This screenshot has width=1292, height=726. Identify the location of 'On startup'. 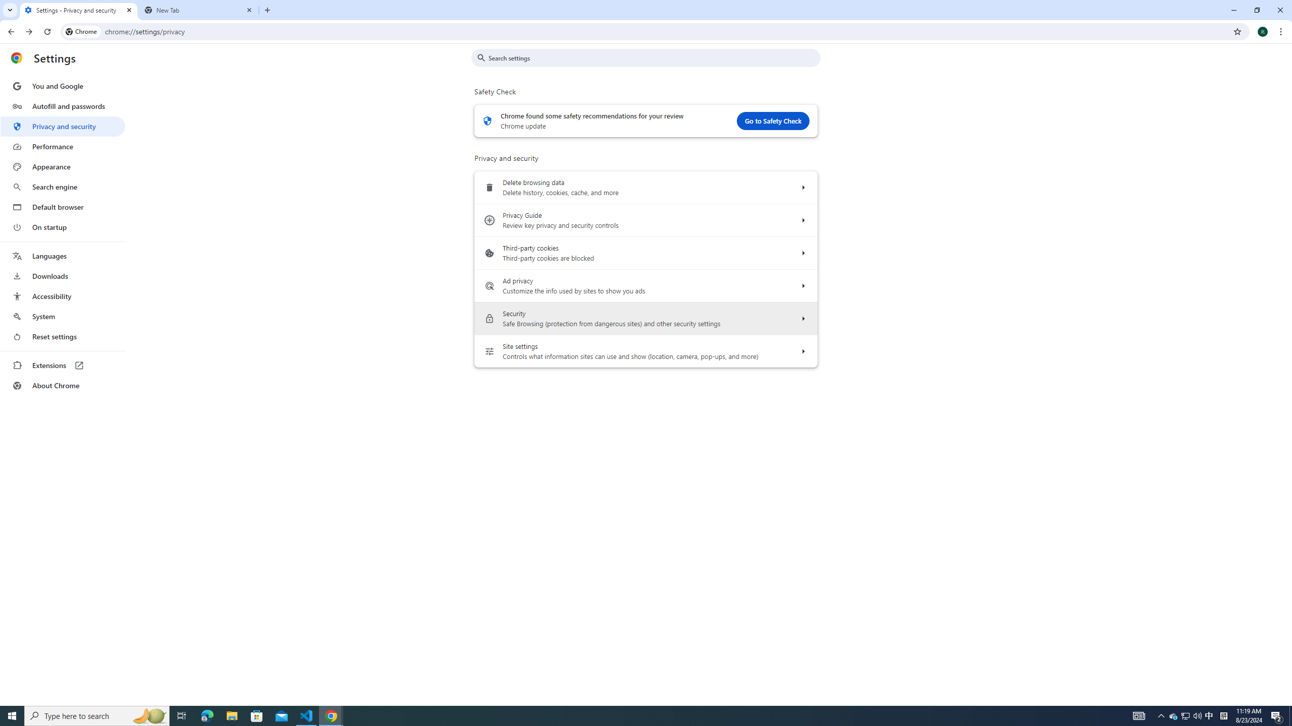
(62, 226).